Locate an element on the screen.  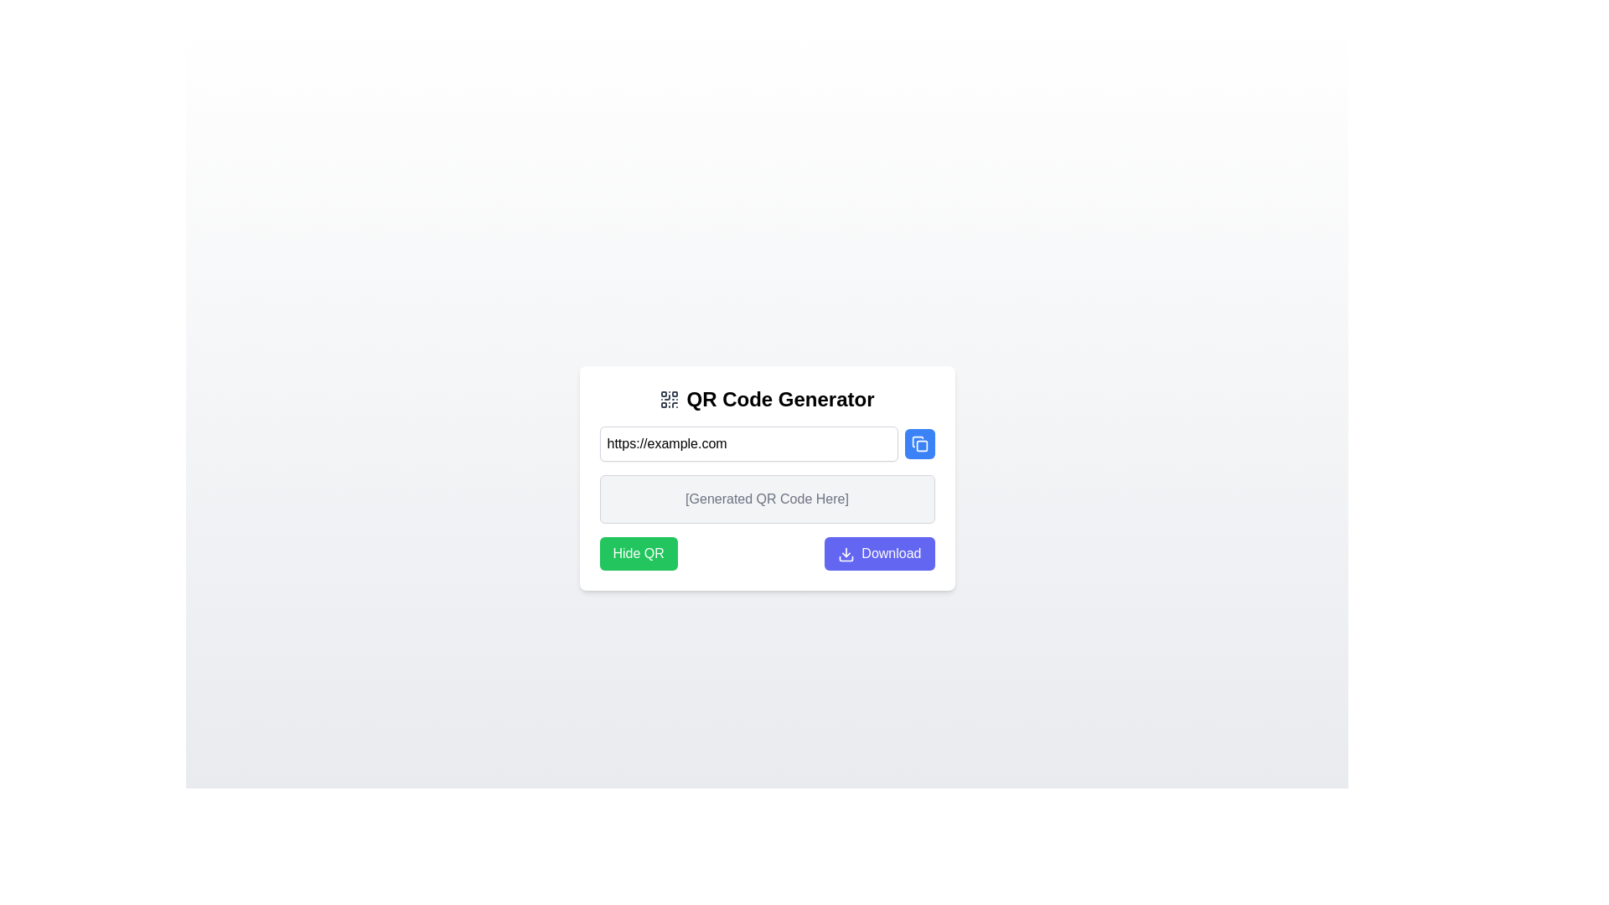
the blue copy button with rounded edges and a white icon to copy content is located at coordinates (918, 442).